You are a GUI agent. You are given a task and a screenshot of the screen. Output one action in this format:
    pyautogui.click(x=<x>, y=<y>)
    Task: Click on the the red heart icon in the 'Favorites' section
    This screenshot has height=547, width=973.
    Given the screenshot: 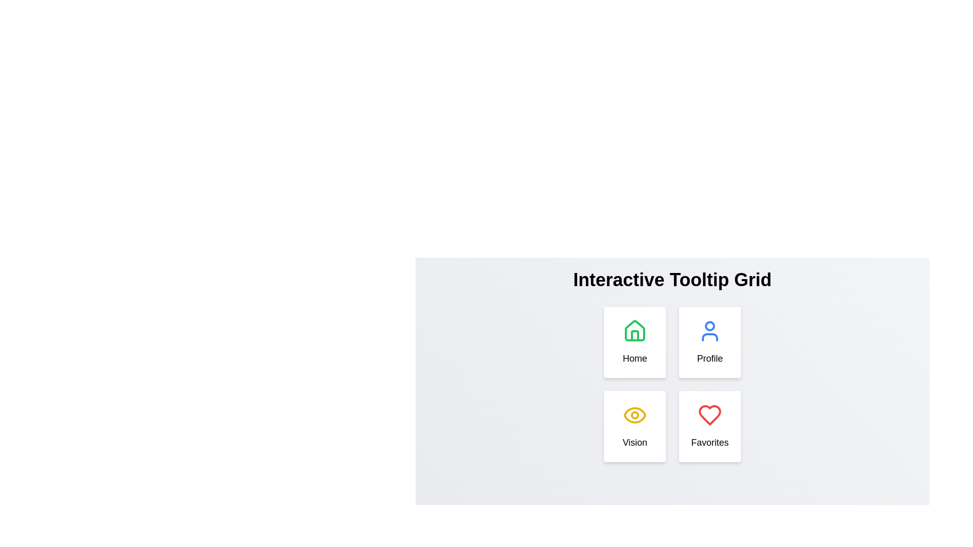 What is the action you would take?
    pyautogui.click(x=709, y=415)
    